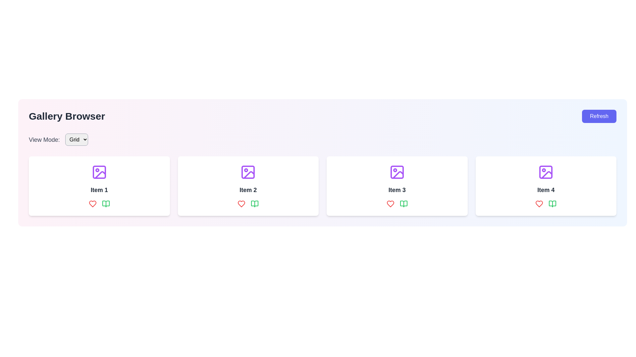  What do you see at coordinates (403, 204) in the screenshot?
I see `the green book icon located below the label 'Item 3' in the third column of the grid layout` at bounding box center [403, 204].